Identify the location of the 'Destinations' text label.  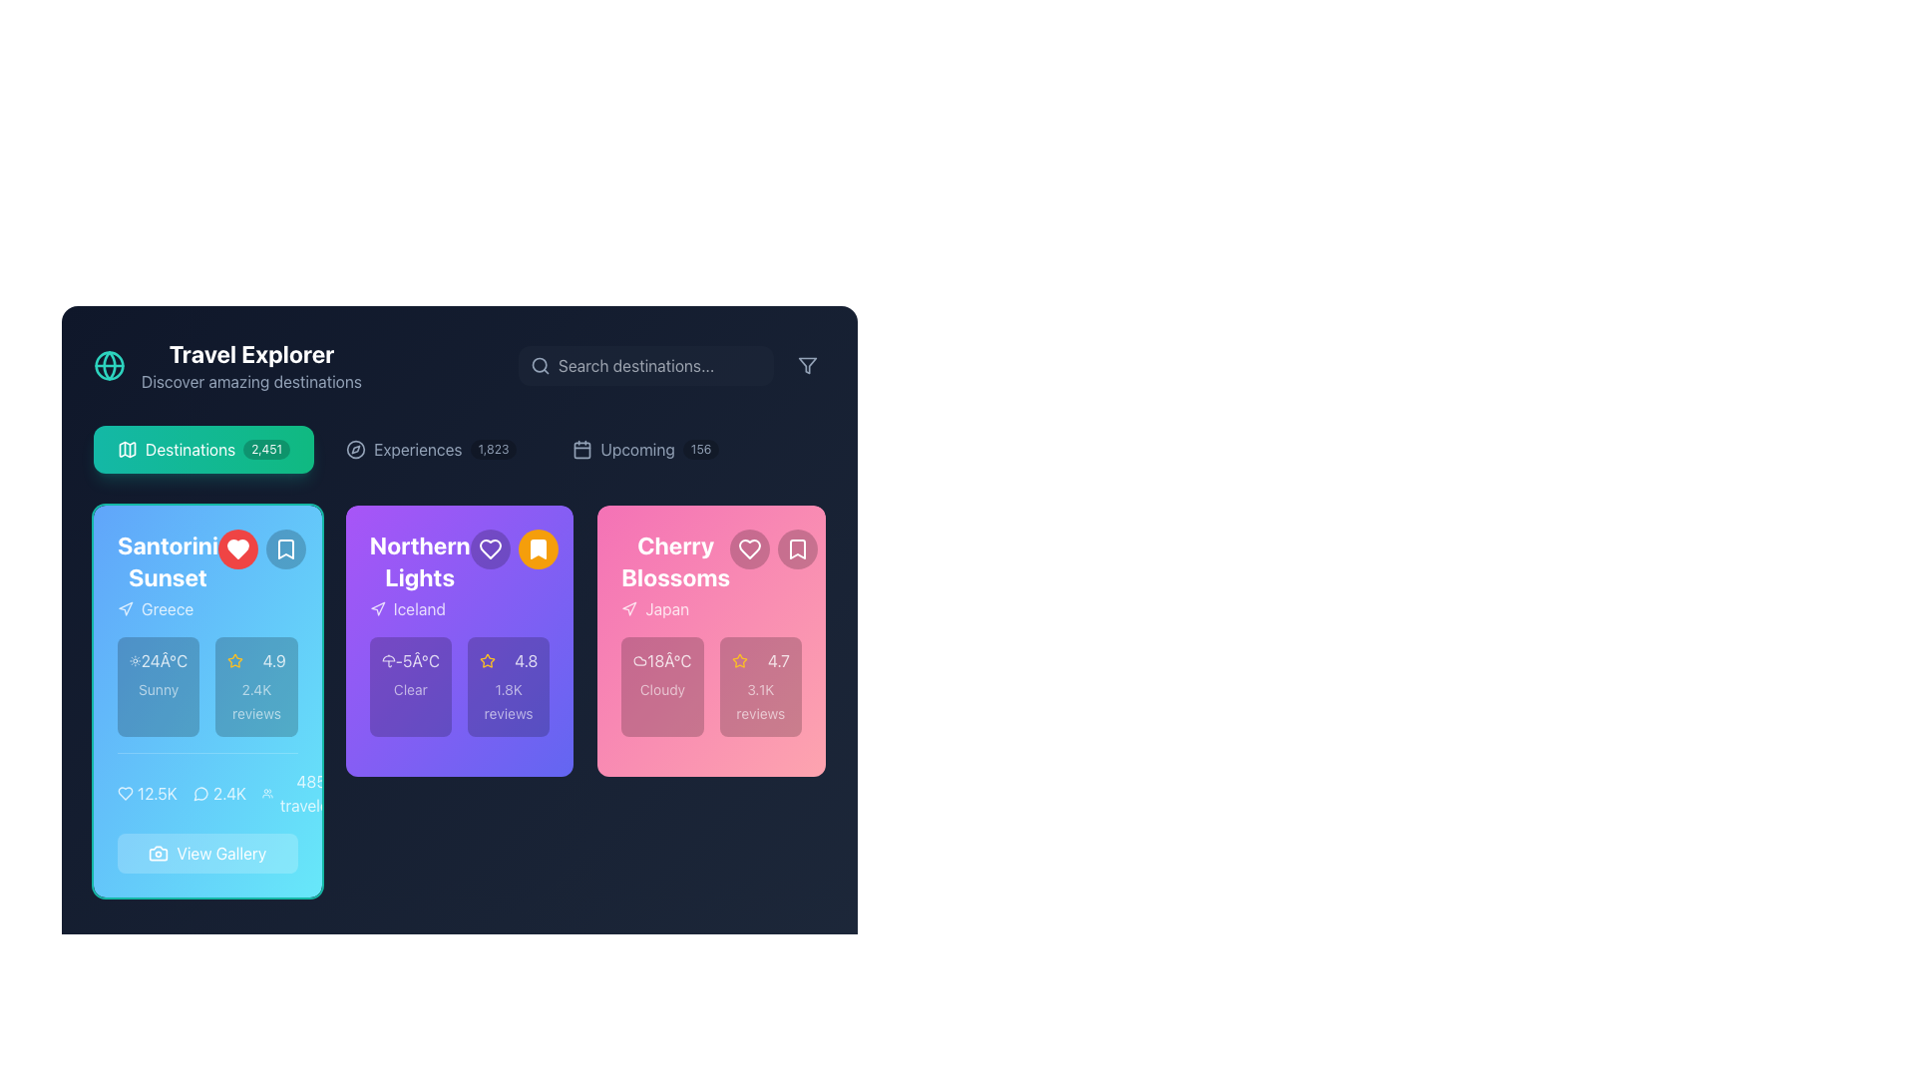
(191, 450).